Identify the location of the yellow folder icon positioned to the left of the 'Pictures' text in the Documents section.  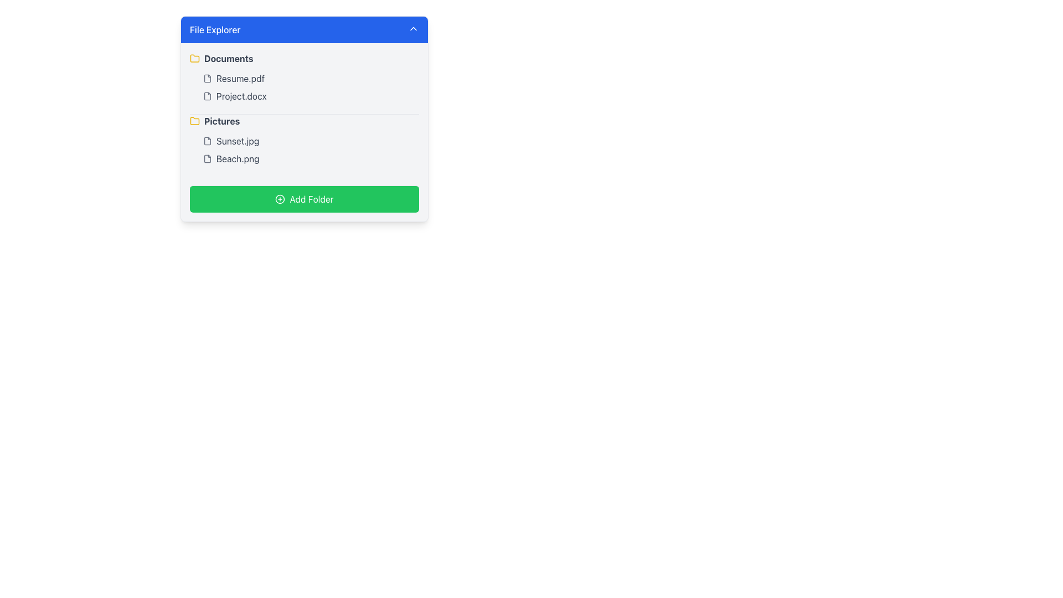
(194, 121).